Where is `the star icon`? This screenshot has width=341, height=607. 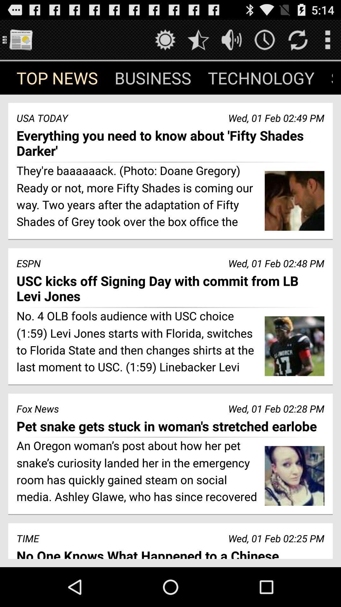
the star icon is located at coordinates (198, 42).